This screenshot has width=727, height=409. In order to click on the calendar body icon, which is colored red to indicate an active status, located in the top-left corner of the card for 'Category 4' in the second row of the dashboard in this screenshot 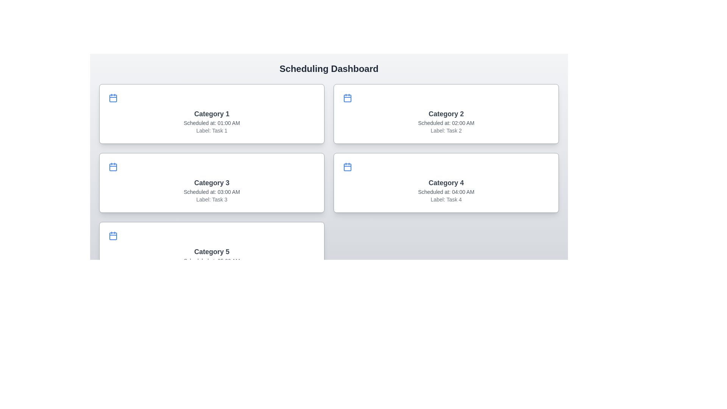, I will do `click(347, 167)`.